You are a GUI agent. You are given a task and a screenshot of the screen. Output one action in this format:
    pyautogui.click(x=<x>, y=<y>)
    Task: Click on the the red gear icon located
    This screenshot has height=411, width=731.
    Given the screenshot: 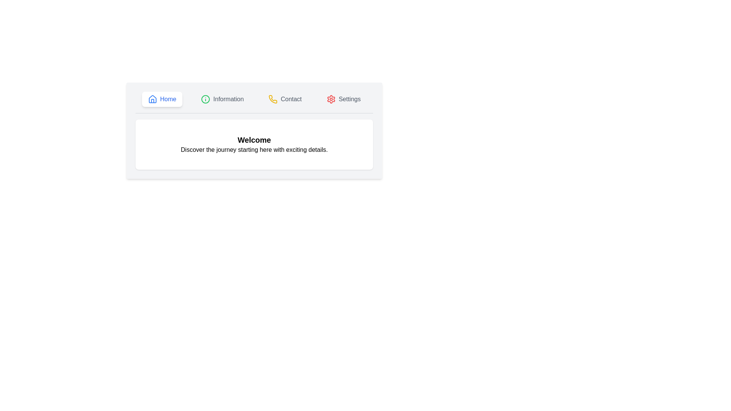 What is the action you would take?
    pyautogui.click(x=331, y=99)
    